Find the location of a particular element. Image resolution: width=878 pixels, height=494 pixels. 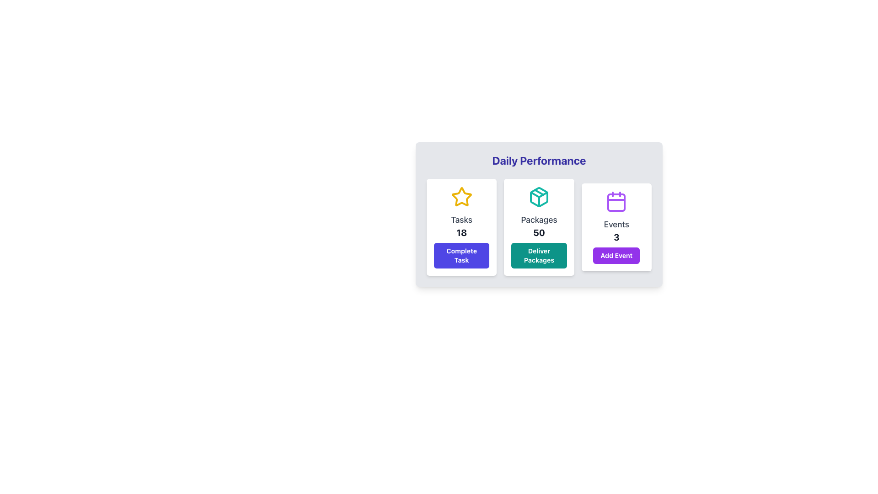

the yellow star icon located at the top-left of the 'Tasks' card in the 'Daily Performance' section, which is styled with a hollow center and medium-thick outlines is located at coordinates (461, 196).